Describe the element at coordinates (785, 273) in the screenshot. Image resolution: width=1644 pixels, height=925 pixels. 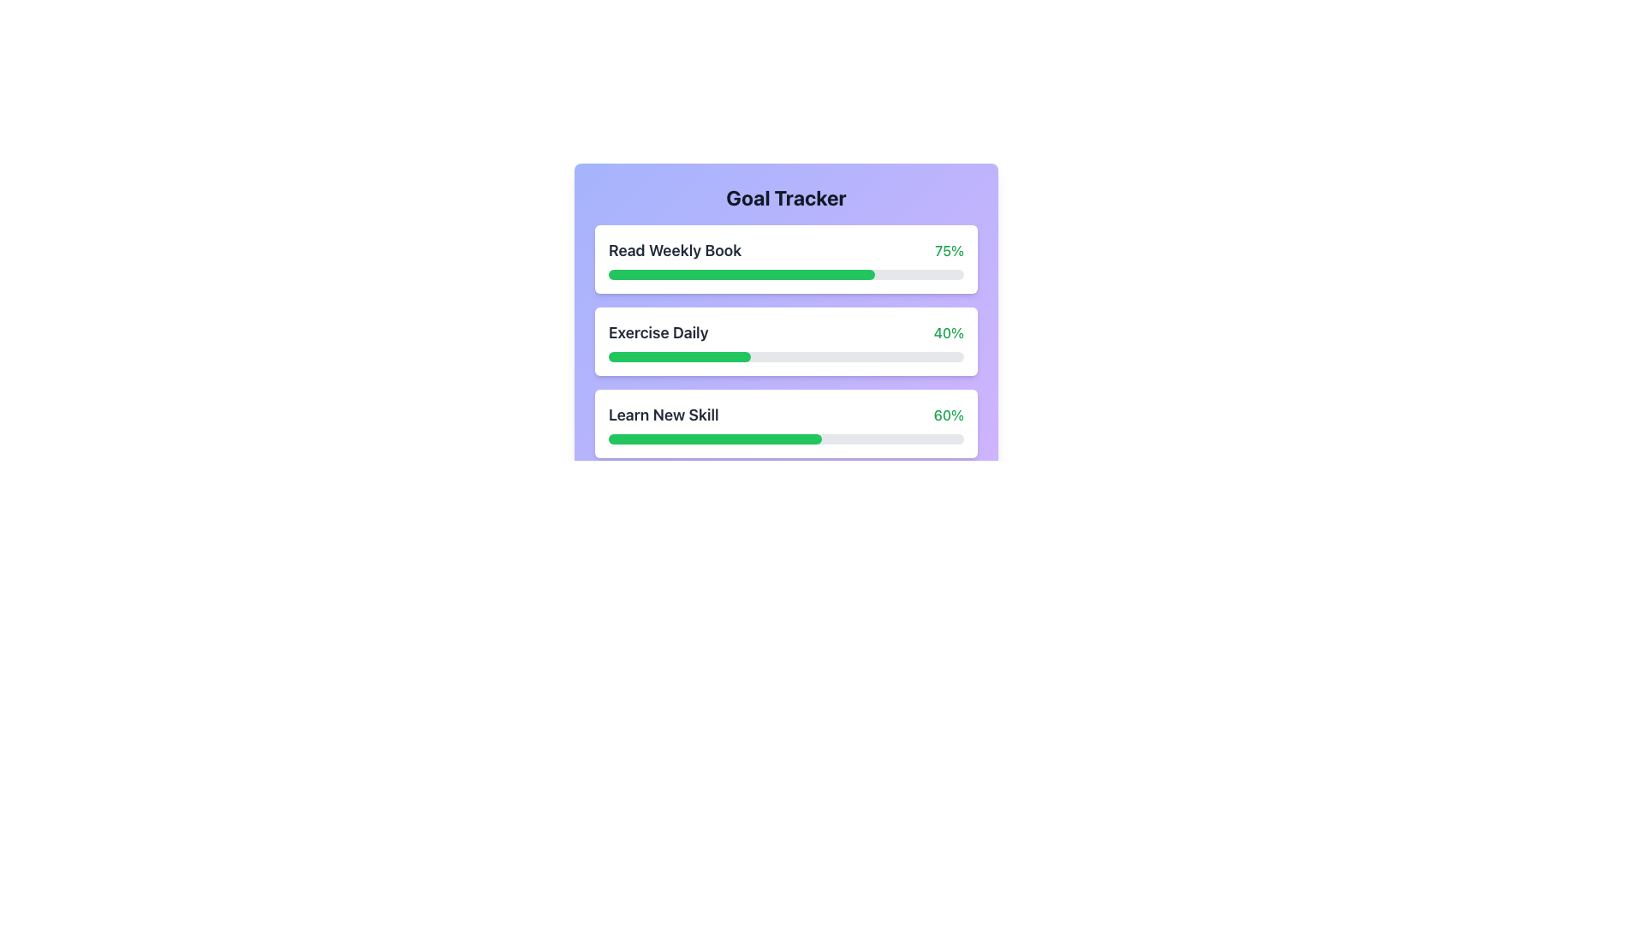
I see `the progress bar indicating 75% completion for the task 'Read Weekly Book', located below the text and percentage indicator within the card section` at that location.